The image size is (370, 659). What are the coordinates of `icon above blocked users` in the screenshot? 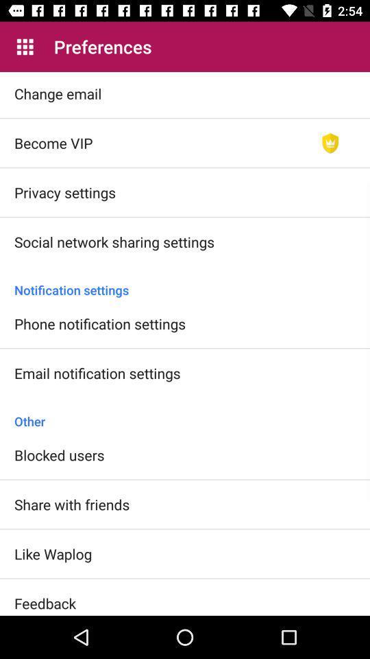 It's located at (185, 413).